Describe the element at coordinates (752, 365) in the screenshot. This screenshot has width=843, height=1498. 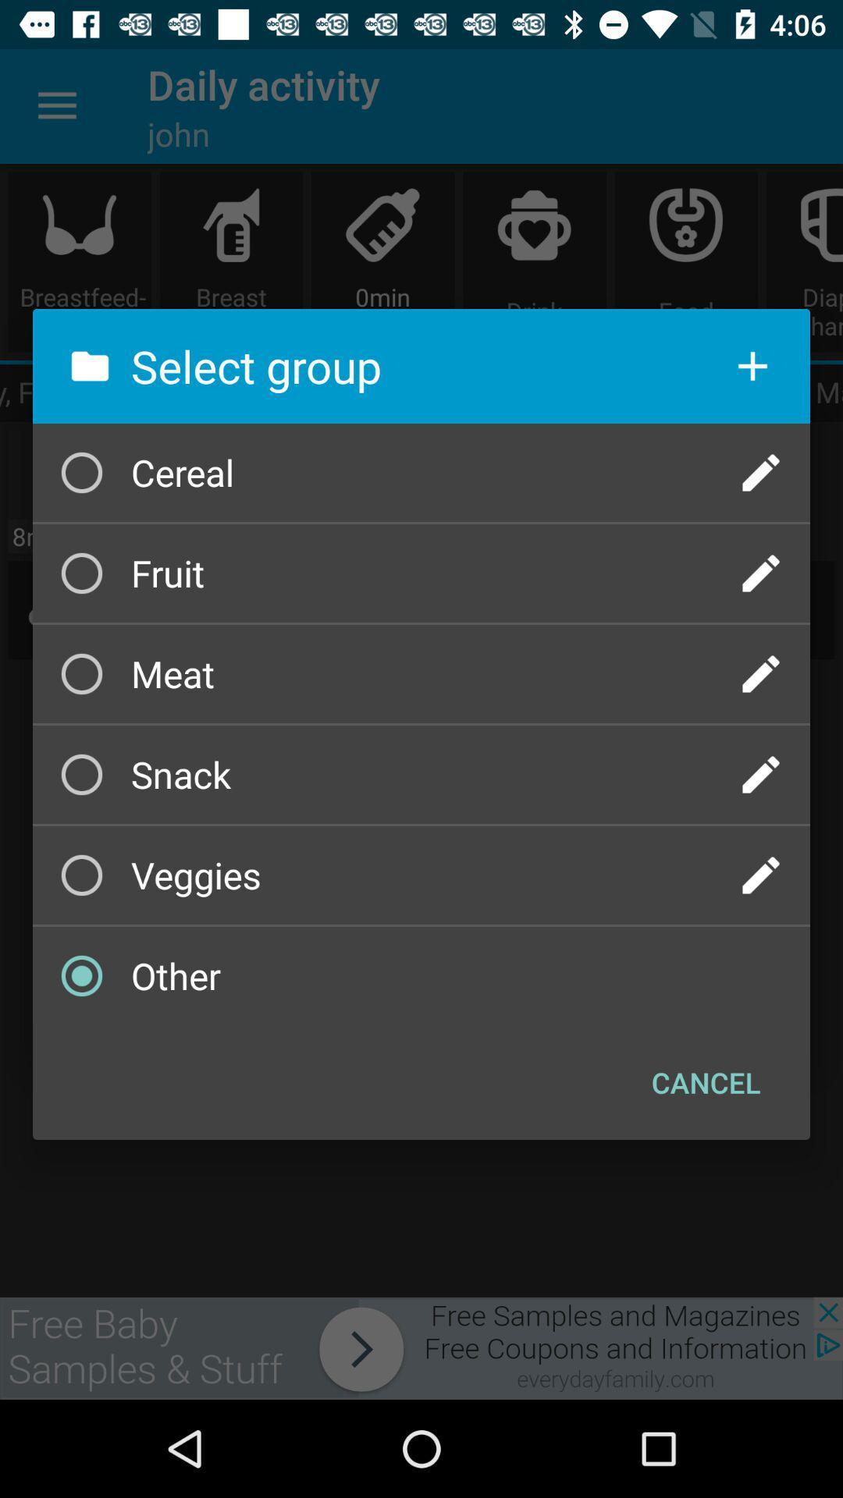
I see `selection to list` at that location.